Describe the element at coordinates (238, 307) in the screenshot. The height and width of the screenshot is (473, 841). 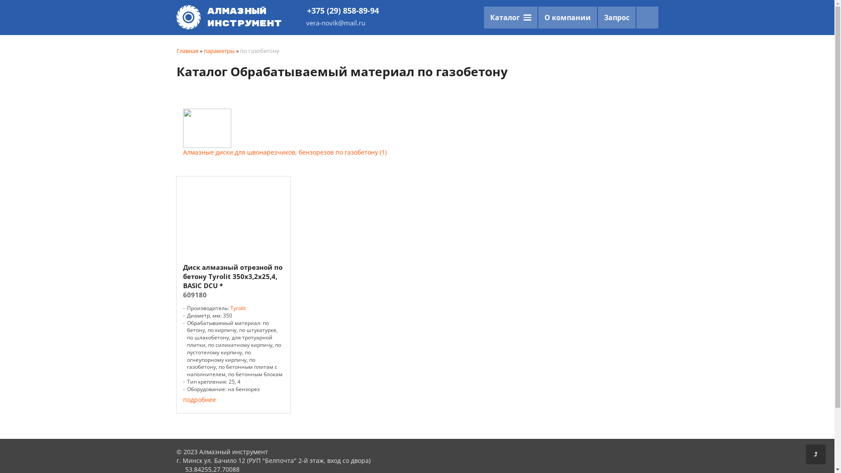
I see `'Tyrolit'` at that location.